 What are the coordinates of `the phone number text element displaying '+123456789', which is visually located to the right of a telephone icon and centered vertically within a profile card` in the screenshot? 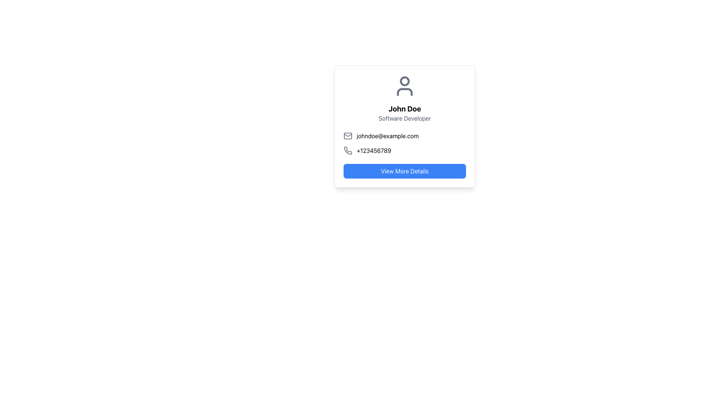 It's located at (374, 150).